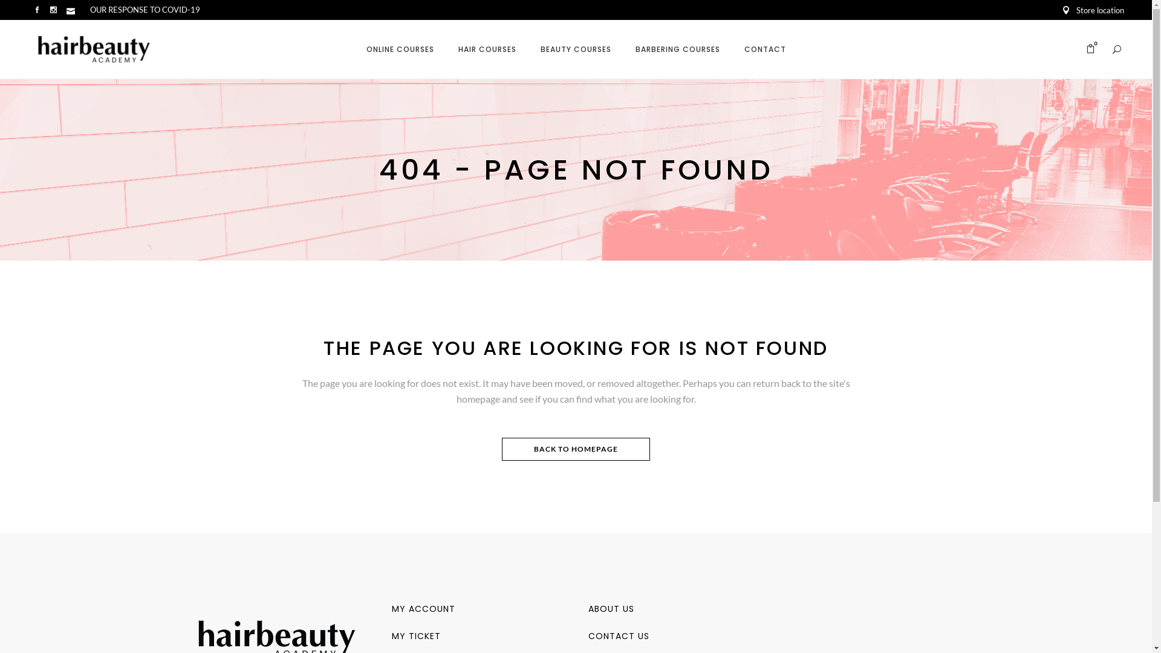  What do you see at coordinates (610, 608) in the screenshot?
I see `'ABOUT US'` at bounding box center [610, 608].